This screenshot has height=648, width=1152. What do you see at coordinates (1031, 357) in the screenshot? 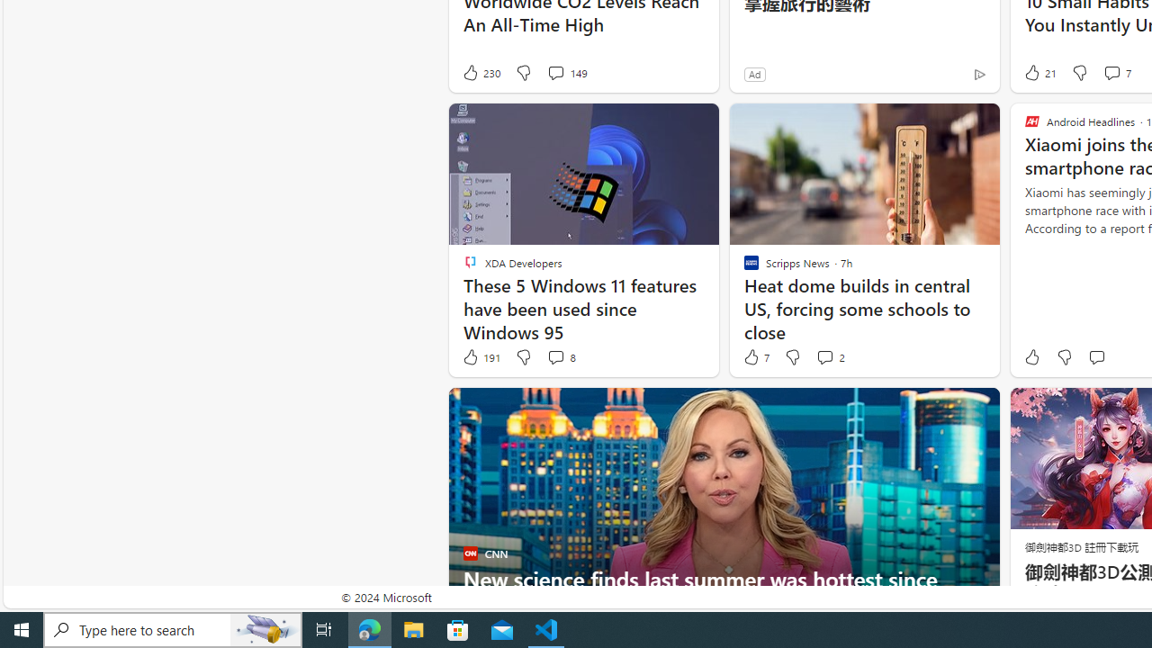
I see `'Like'` at bounding box center [1031, 357].